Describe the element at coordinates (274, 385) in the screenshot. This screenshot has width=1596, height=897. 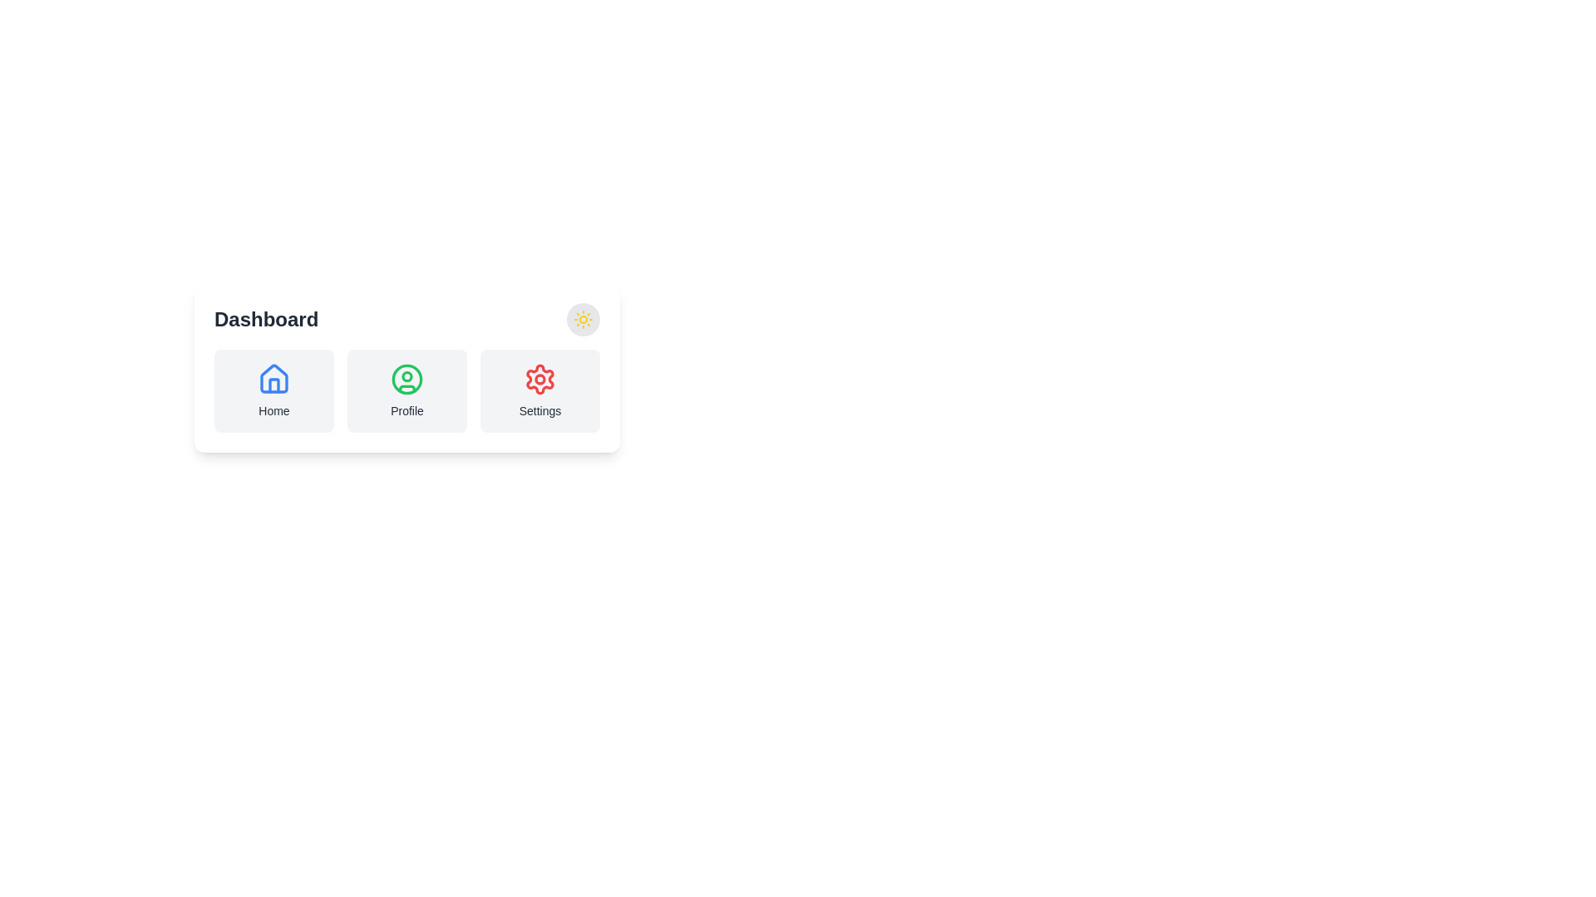
I see `the door element within the blue-bordered house icon in the Home section of the dashboard for visual interaction` at that location.